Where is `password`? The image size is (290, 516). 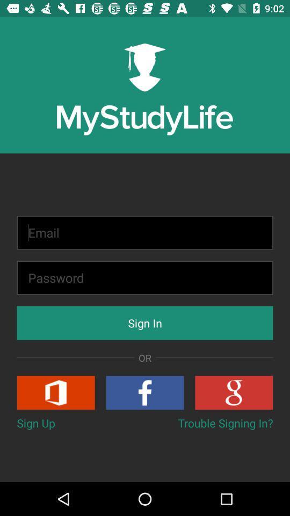
password is located at coordinates (145, 277).